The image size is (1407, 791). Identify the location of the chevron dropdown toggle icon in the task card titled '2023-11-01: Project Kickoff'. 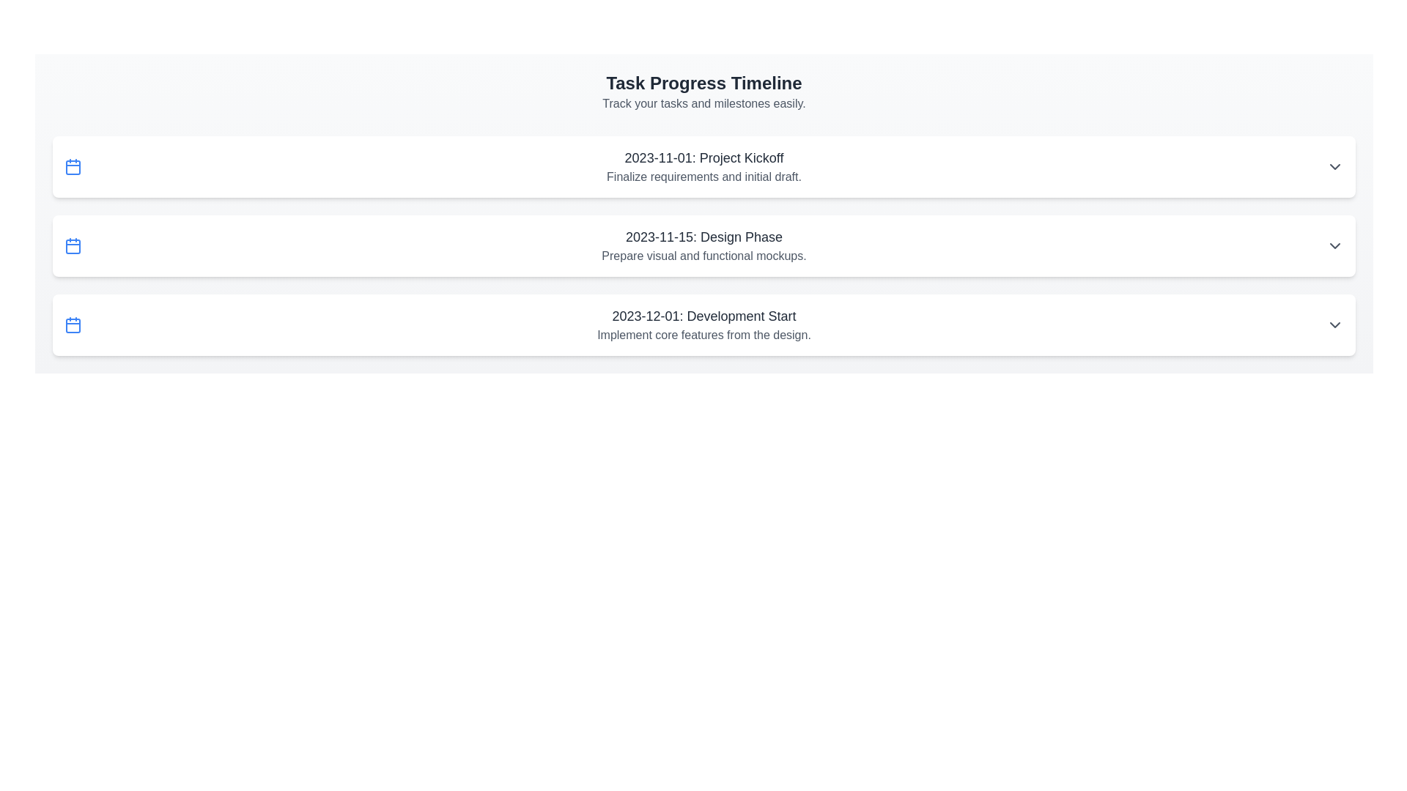
(1335, 166).